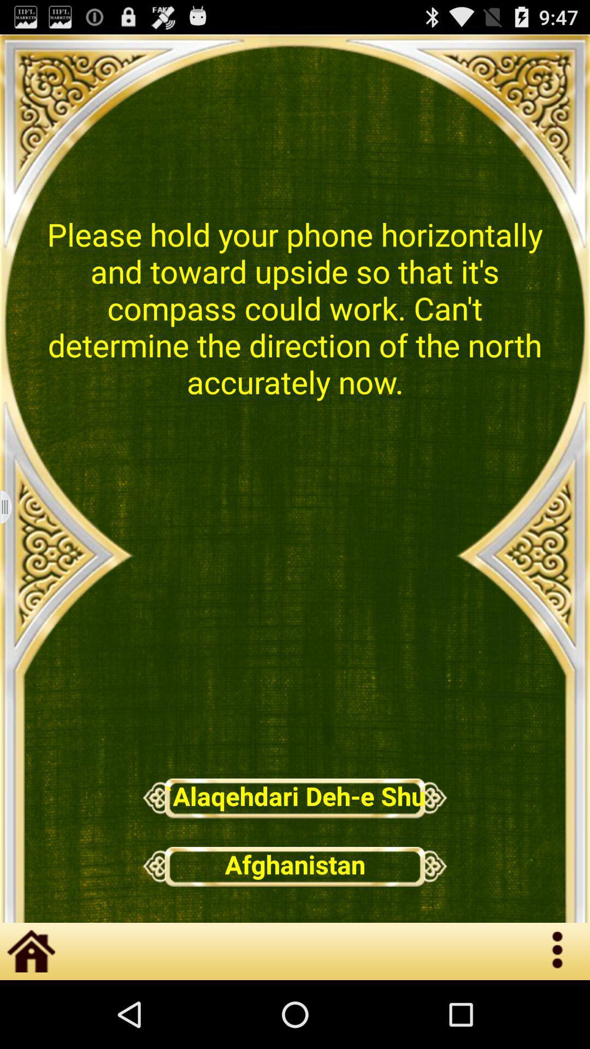 The image size is (590, 1049). I want to click on stop the app, so click(13, 506).